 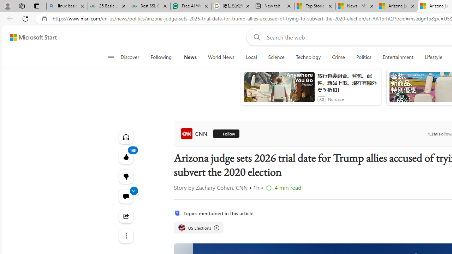 I want to click on 'Listen to this article', so click(x=126, y=137).